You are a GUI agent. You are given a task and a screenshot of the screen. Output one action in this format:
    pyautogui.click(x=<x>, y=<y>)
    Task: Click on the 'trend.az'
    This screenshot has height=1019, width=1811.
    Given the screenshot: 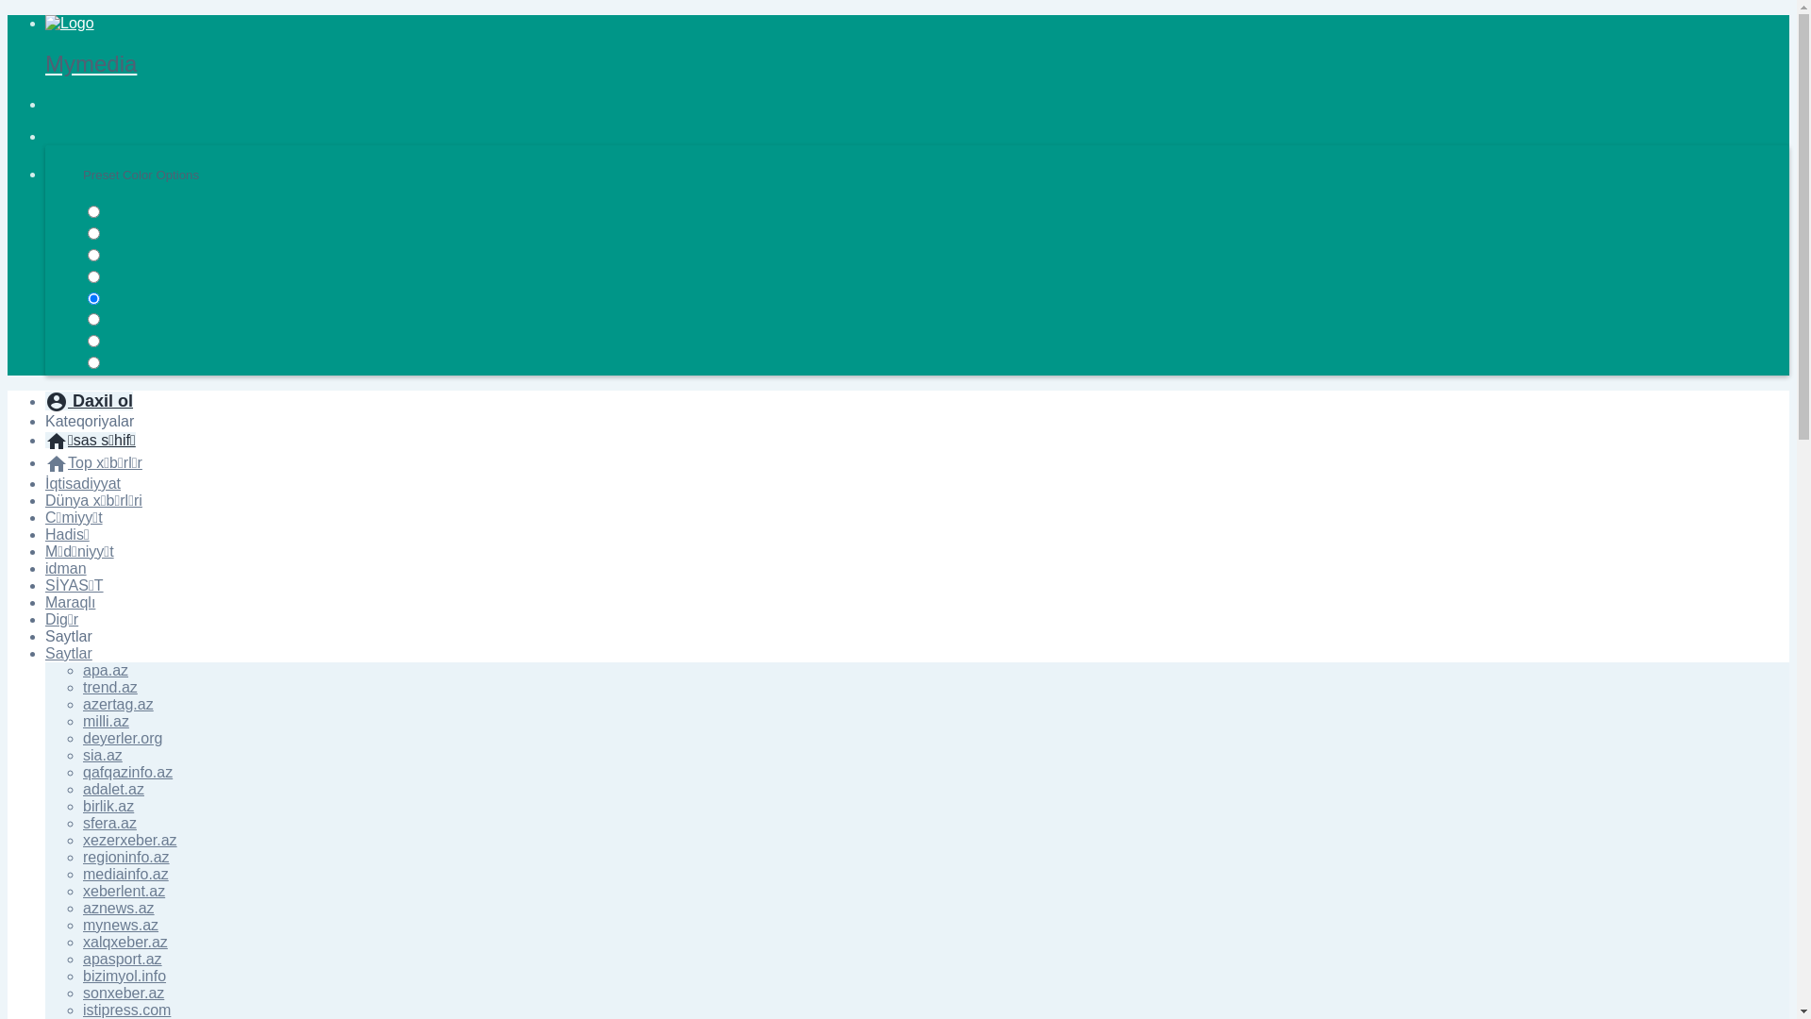 What is the action you would take?
    pyautogui.click(x=108, y=687)
    